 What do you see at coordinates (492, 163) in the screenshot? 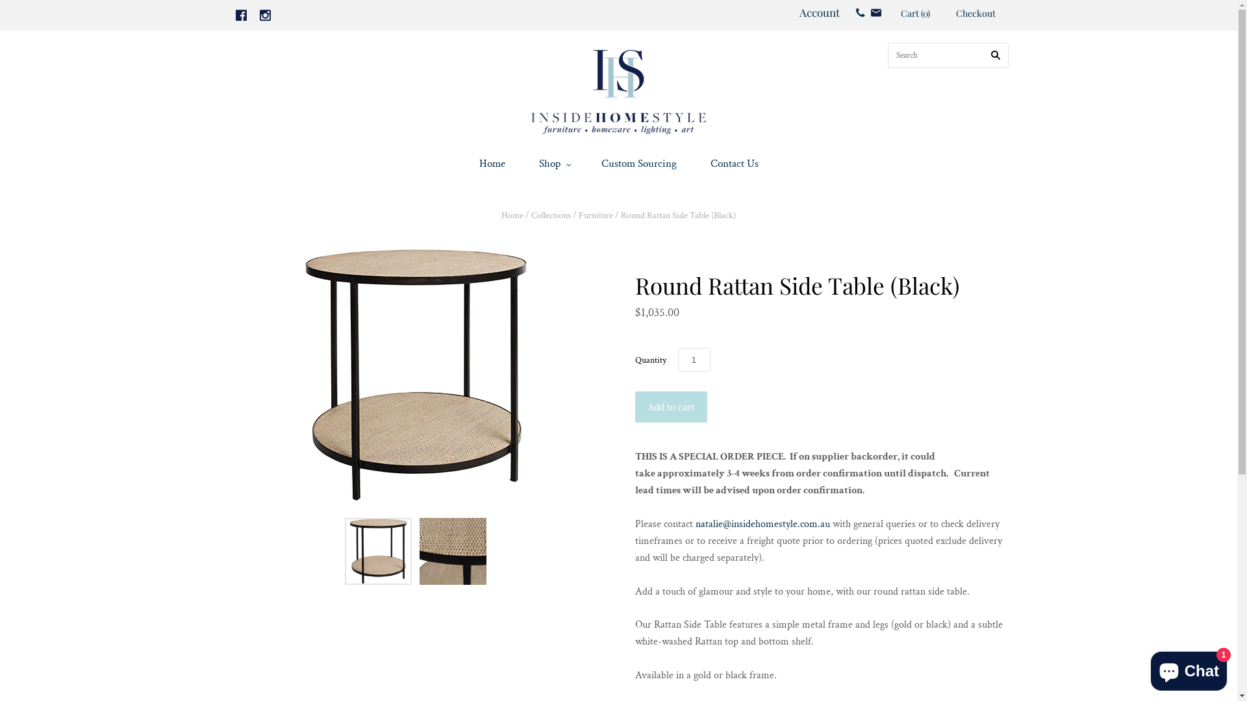
I see `'Home'` at bounding box center [492, 163].